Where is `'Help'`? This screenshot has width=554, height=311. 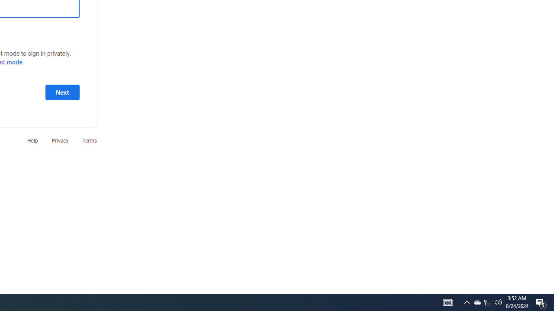 'Help' is located at coordinates (32, 140).